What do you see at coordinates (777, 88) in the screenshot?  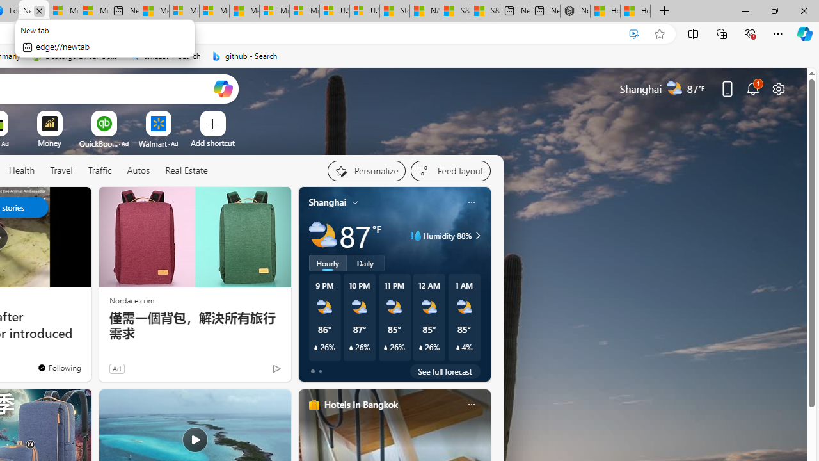 I see `'Page settings'` at bounding box center [777, 88].